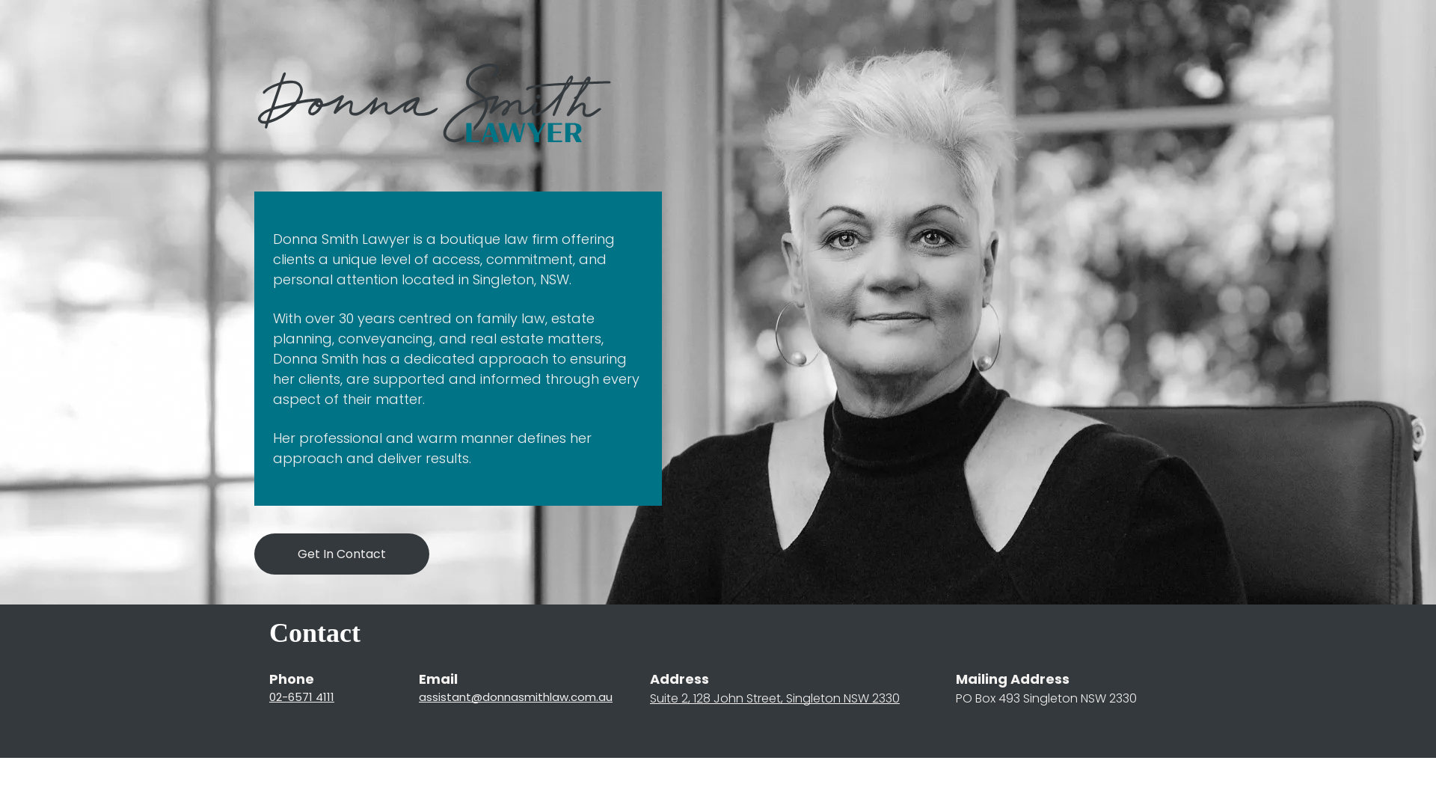 The width and height of the screenshot is (1436, 808). I want to click on 'Suite 2, 128 John Street, Singleton NSW 2330', so click(775, 698).